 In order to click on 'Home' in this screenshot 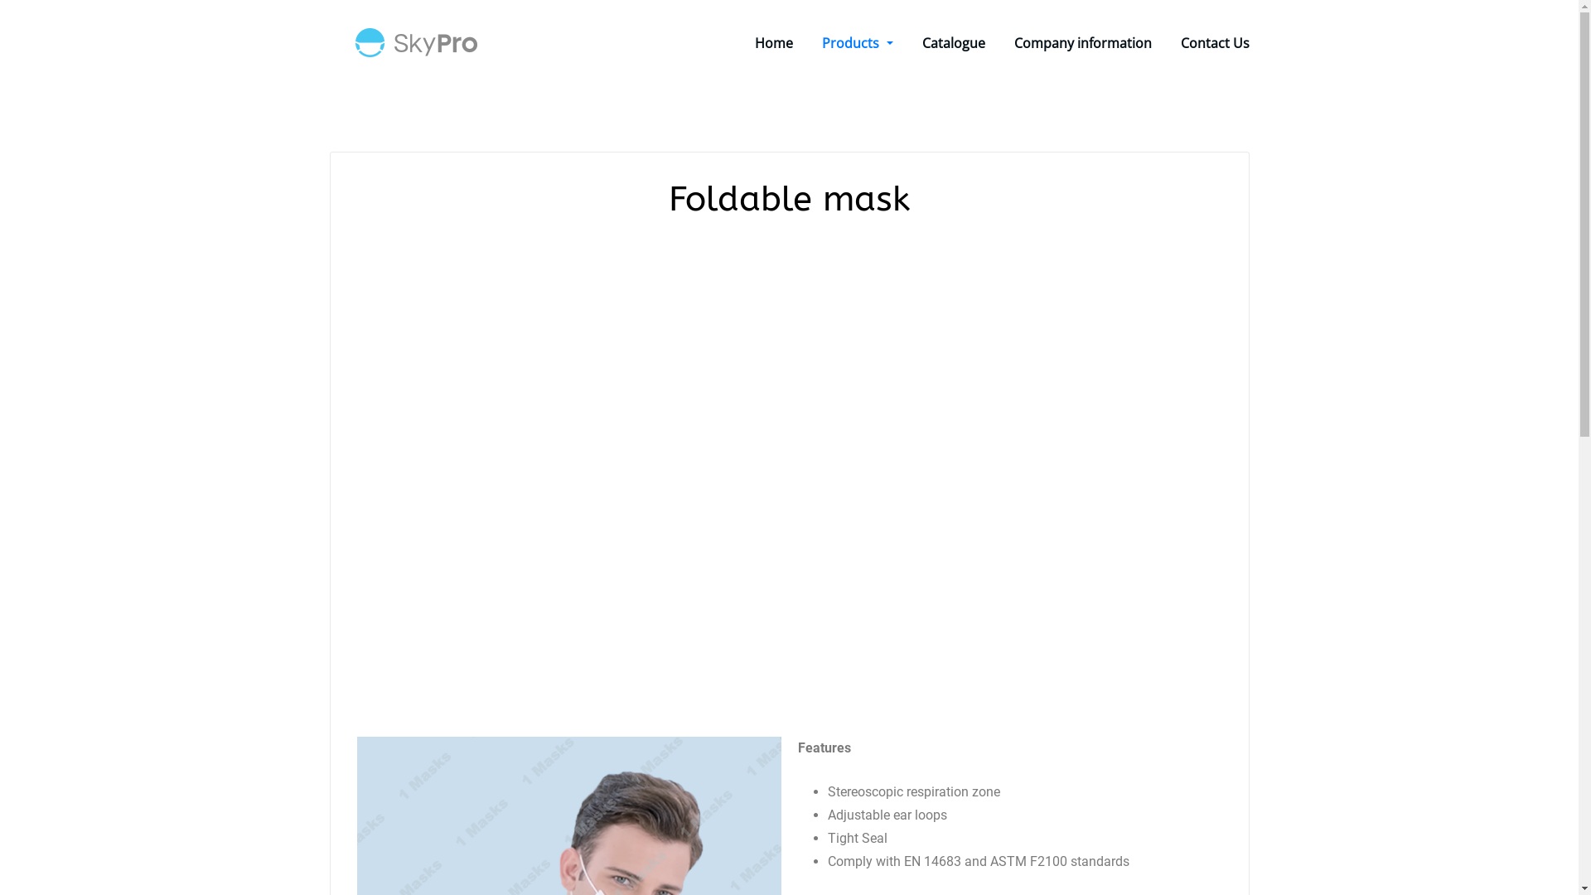, I will do `click(754, 41)`.